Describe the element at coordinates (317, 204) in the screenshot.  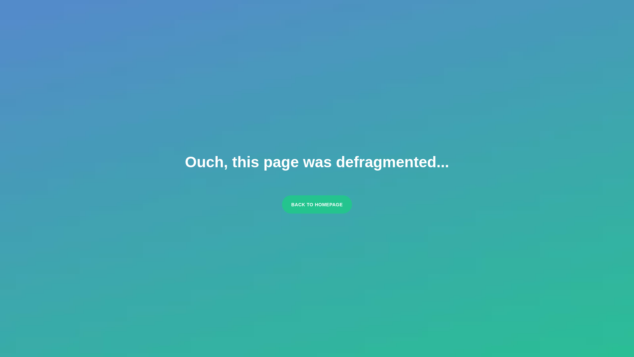
I see `'BACK TO HOMEPAGE'` at that location.